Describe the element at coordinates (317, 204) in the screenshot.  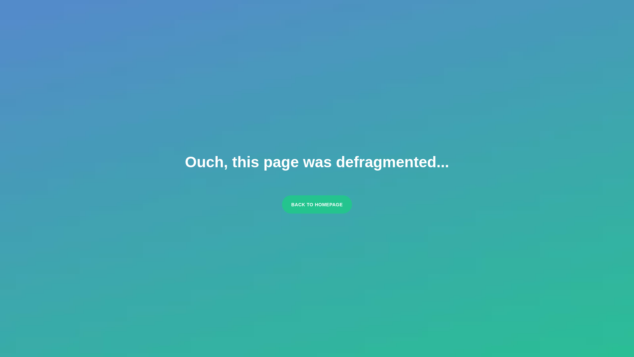
I see `'BACK TO HOMEPAGE'` at that location.